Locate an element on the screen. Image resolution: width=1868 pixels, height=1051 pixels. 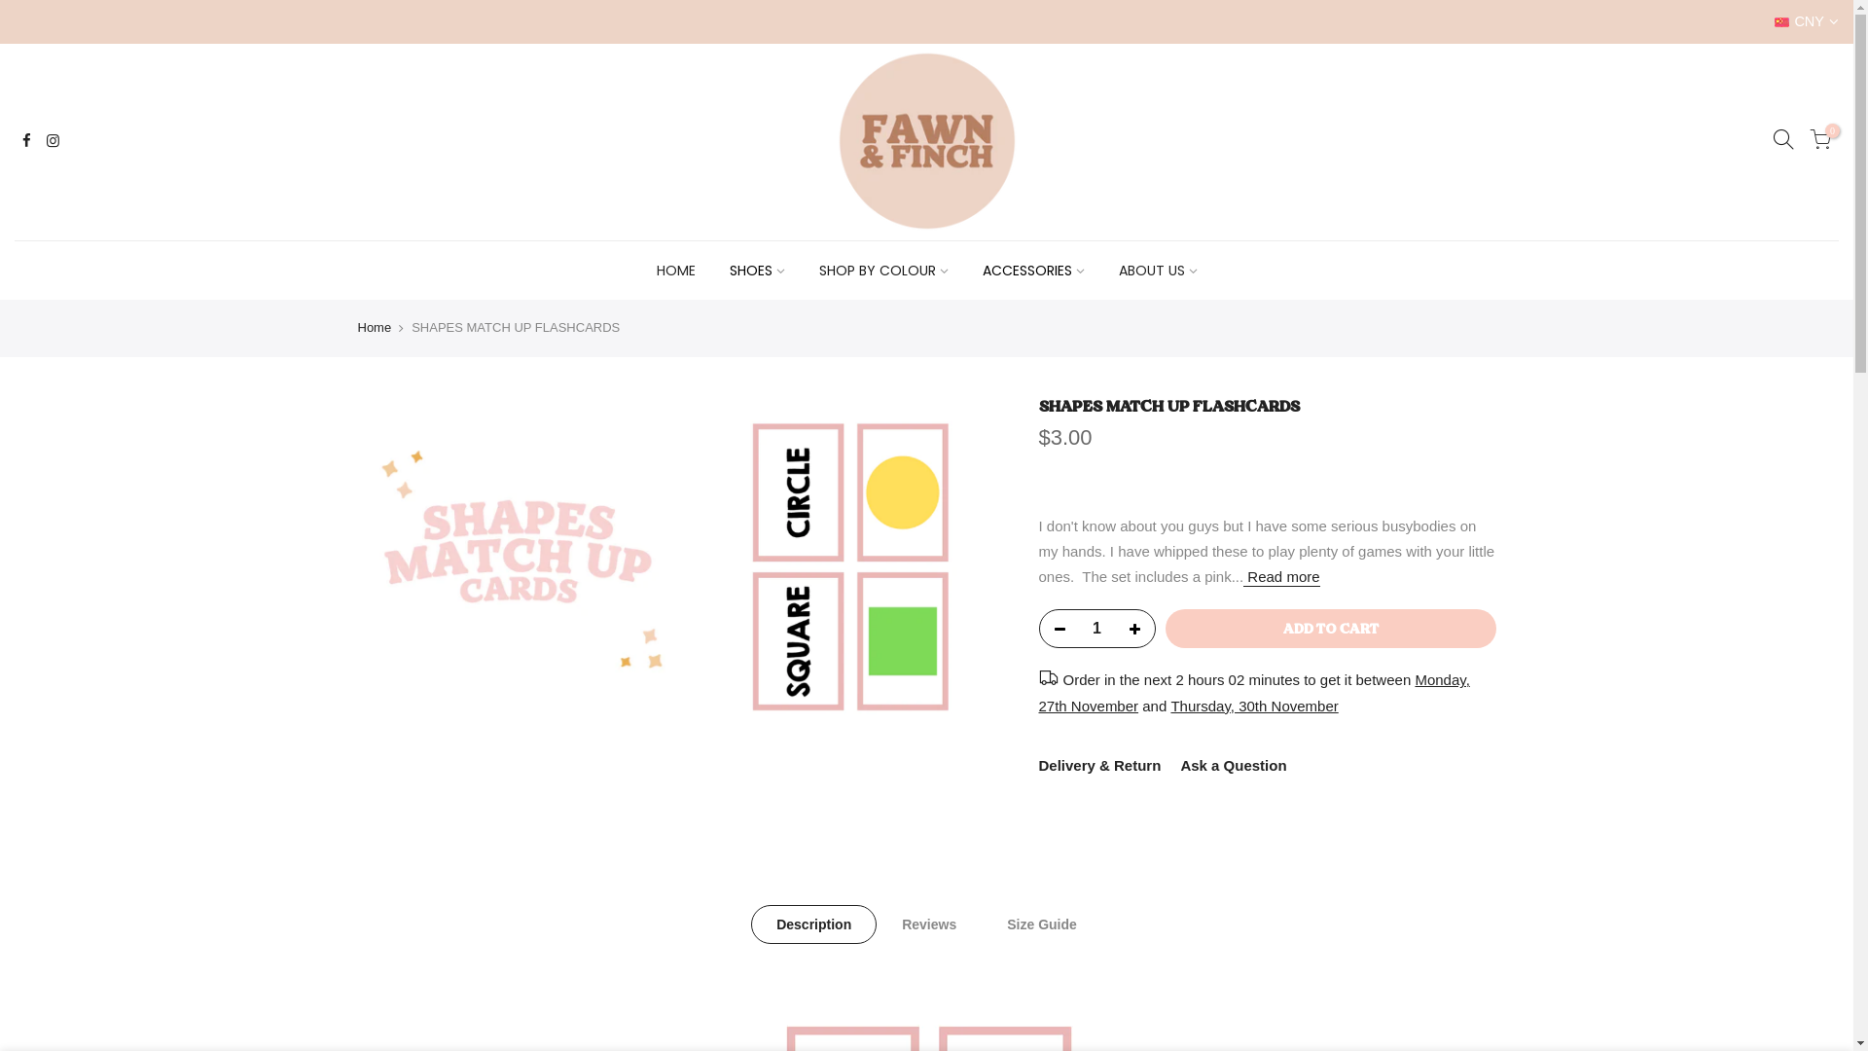
'Ask a Question' is located at coordinates (1232, 764).